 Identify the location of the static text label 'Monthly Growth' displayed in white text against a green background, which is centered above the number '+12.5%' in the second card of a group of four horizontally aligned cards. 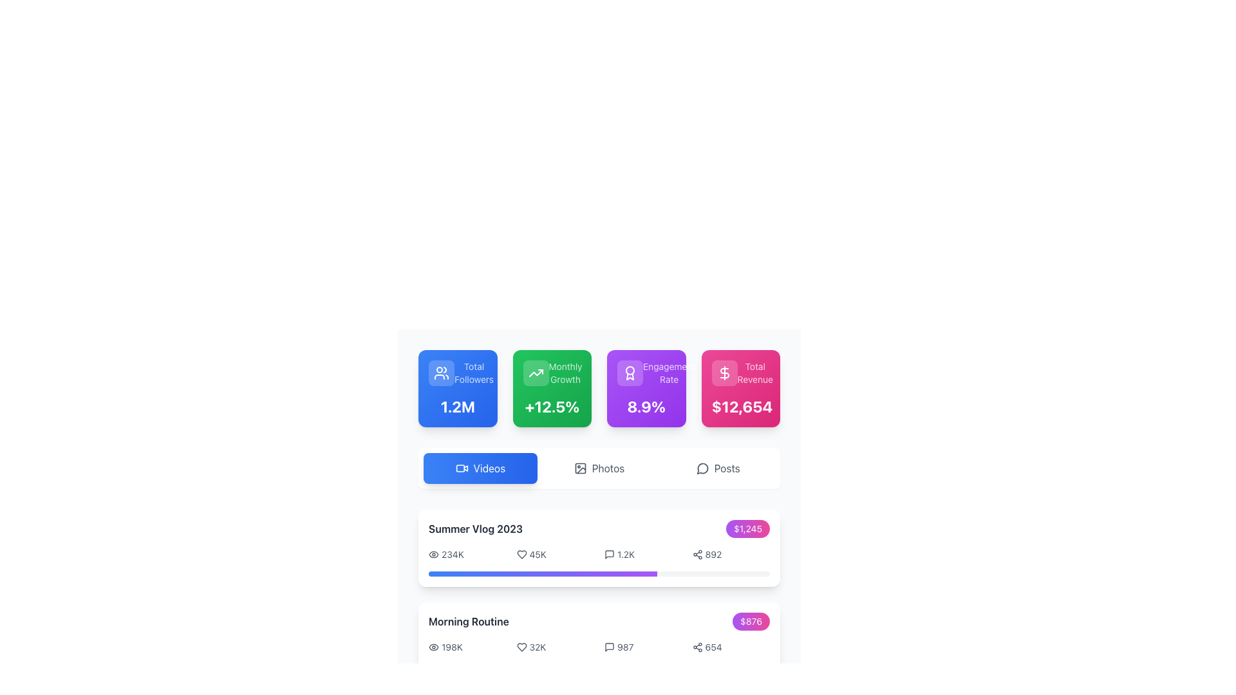
(565, 373).